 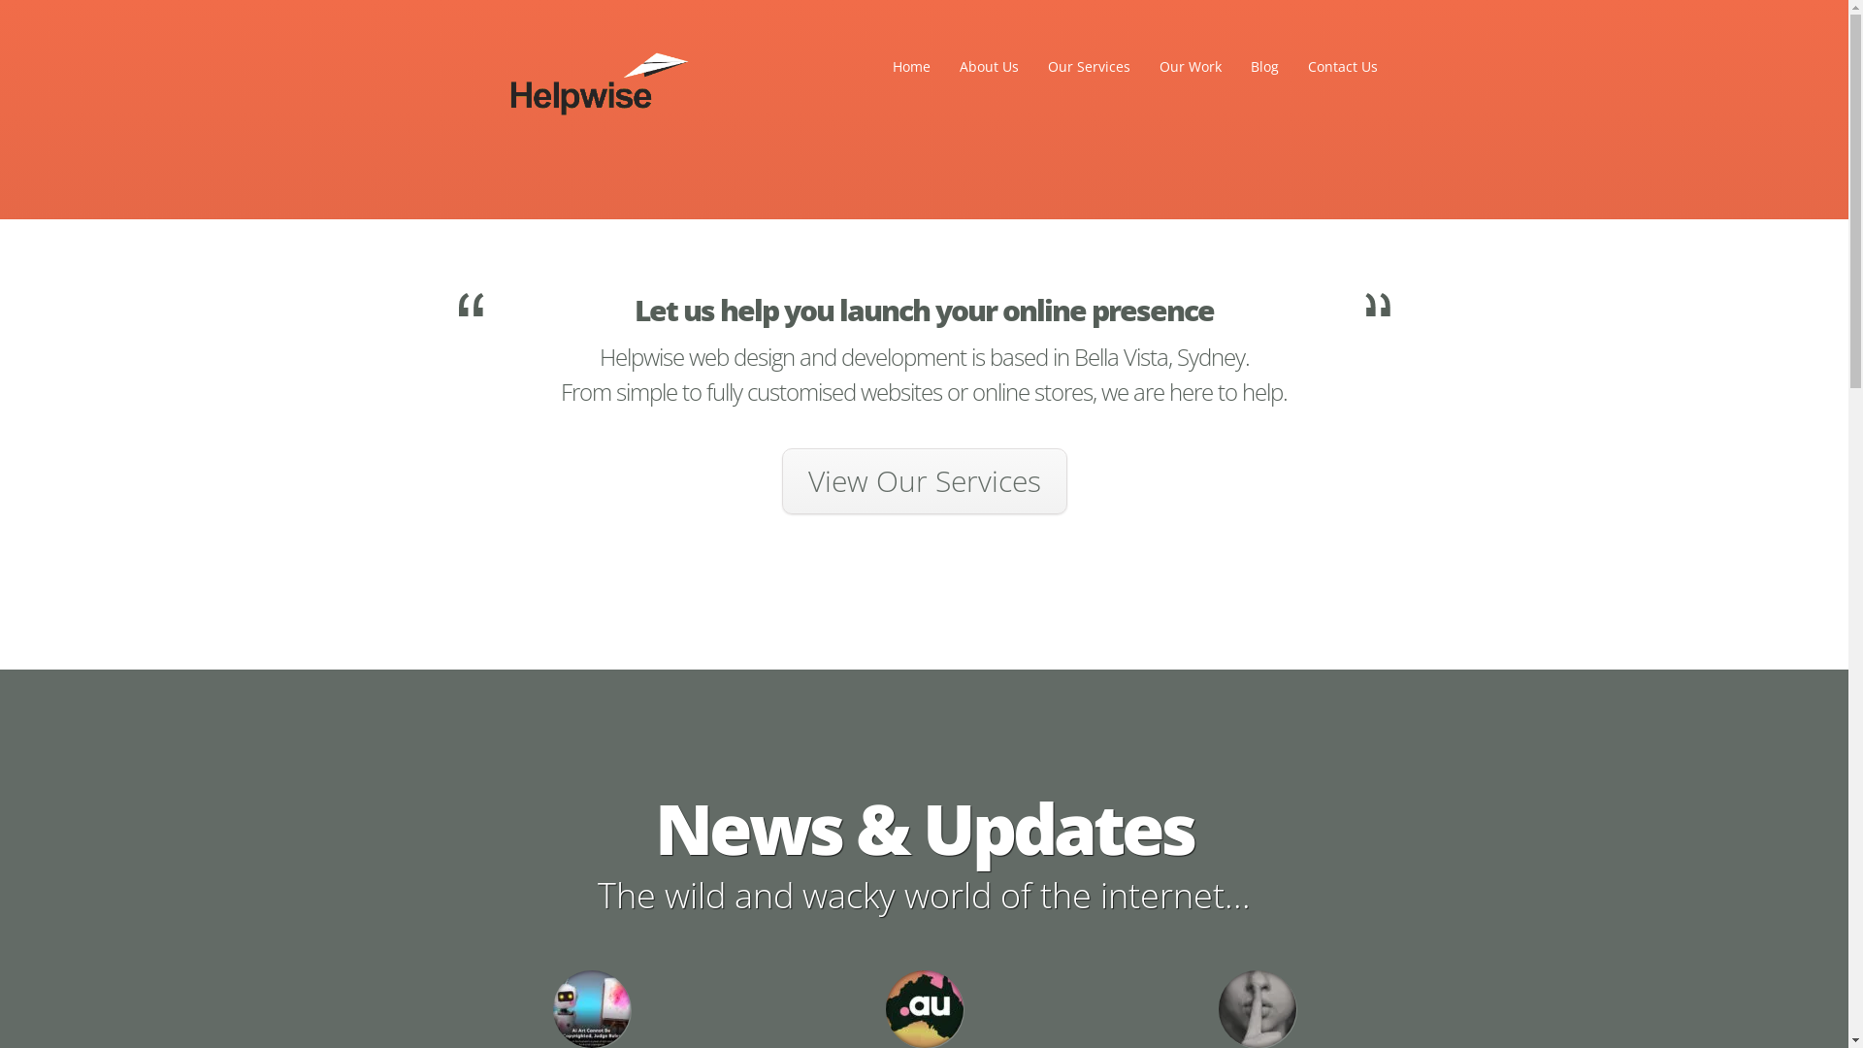 What do you see at coordinates (924, 480) in the screenshot?
I see `'View Our Services'` at bounding box center [924, 480].